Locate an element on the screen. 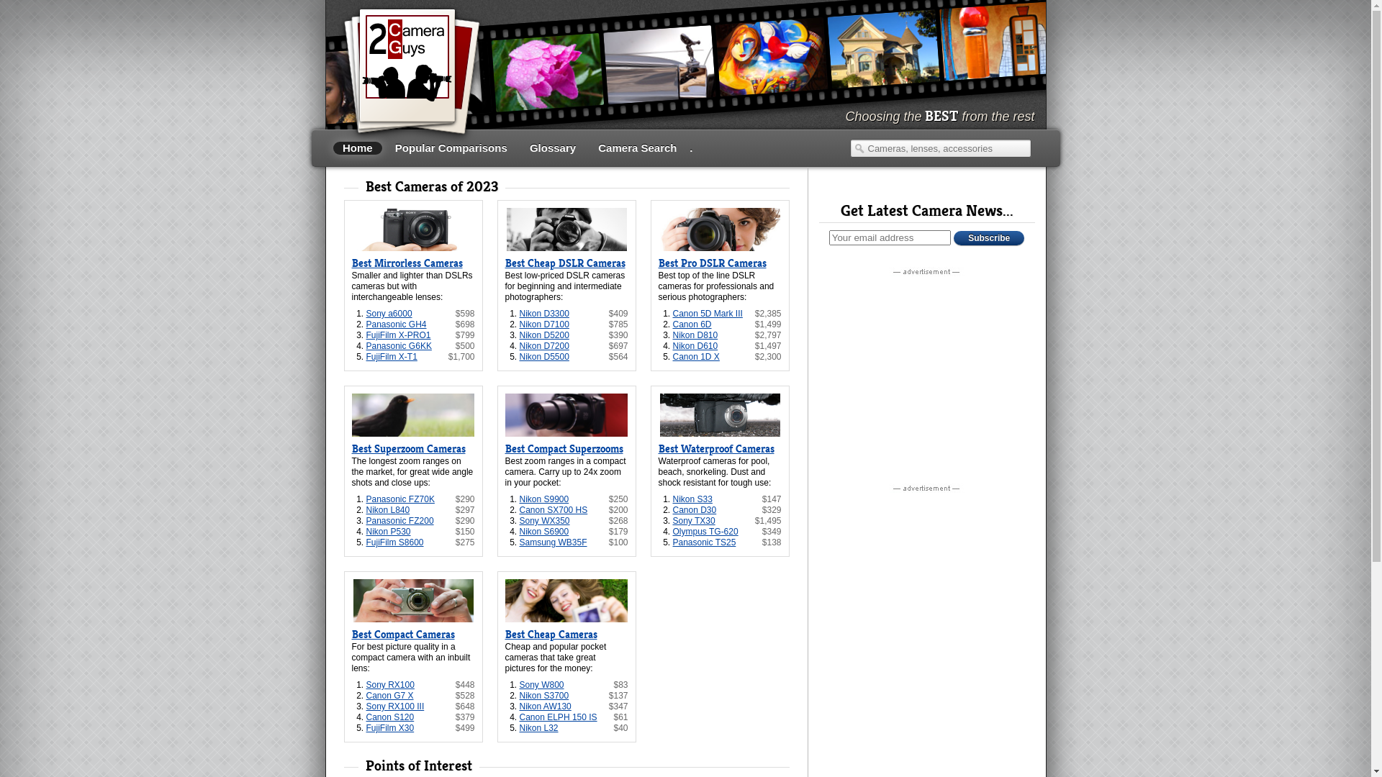 The image size is (1382, 777). 'Camera Search' is located at coordinates (588, 147).